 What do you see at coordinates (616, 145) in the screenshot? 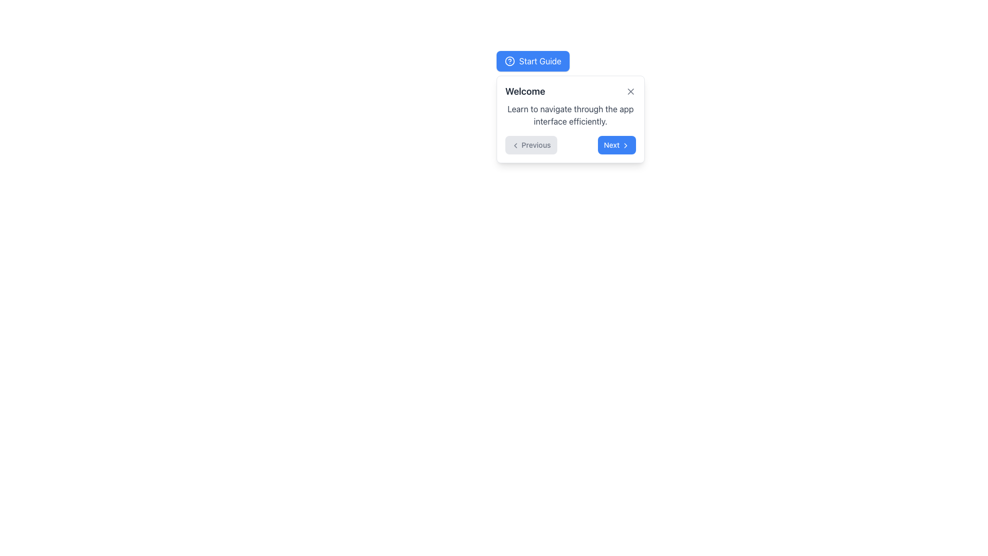
I see `the second button from the left in the navigation controls` at bounding box center [616, 145].